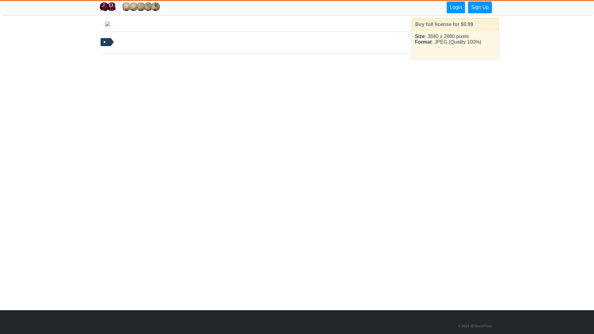  What do you see at coordinates (130, 7) in the screenshot?
I see `'$1 3D stock photos of texts, icons, and backgrounds'` at bounding box center [130, 7].